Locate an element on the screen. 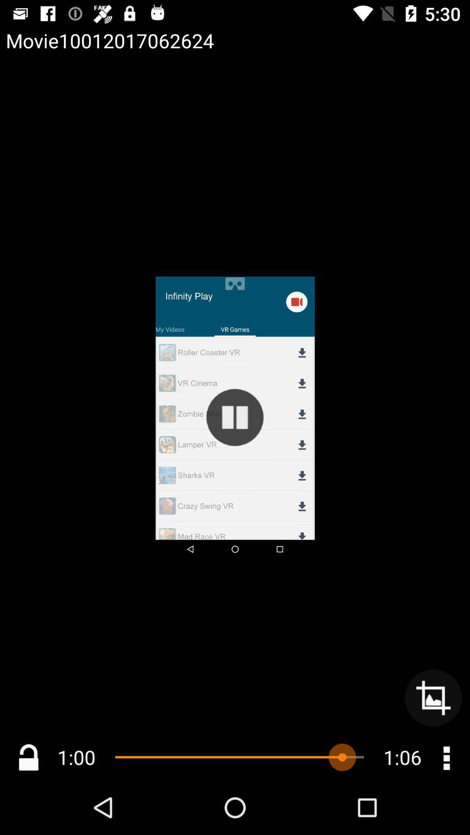 Image resolution: width=470 pixels, height=835 pixels. lock option is located at coordinates (28, 757).